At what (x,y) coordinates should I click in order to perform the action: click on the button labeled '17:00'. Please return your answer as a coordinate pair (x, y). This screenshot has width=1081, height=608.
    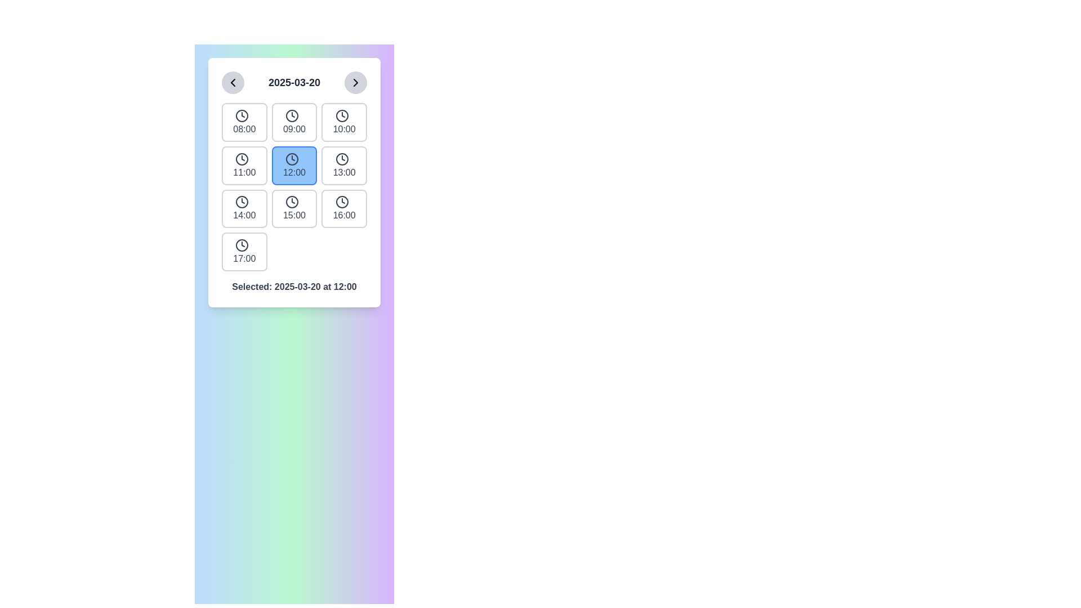
    Looking at the image, I should click on (244, 251).